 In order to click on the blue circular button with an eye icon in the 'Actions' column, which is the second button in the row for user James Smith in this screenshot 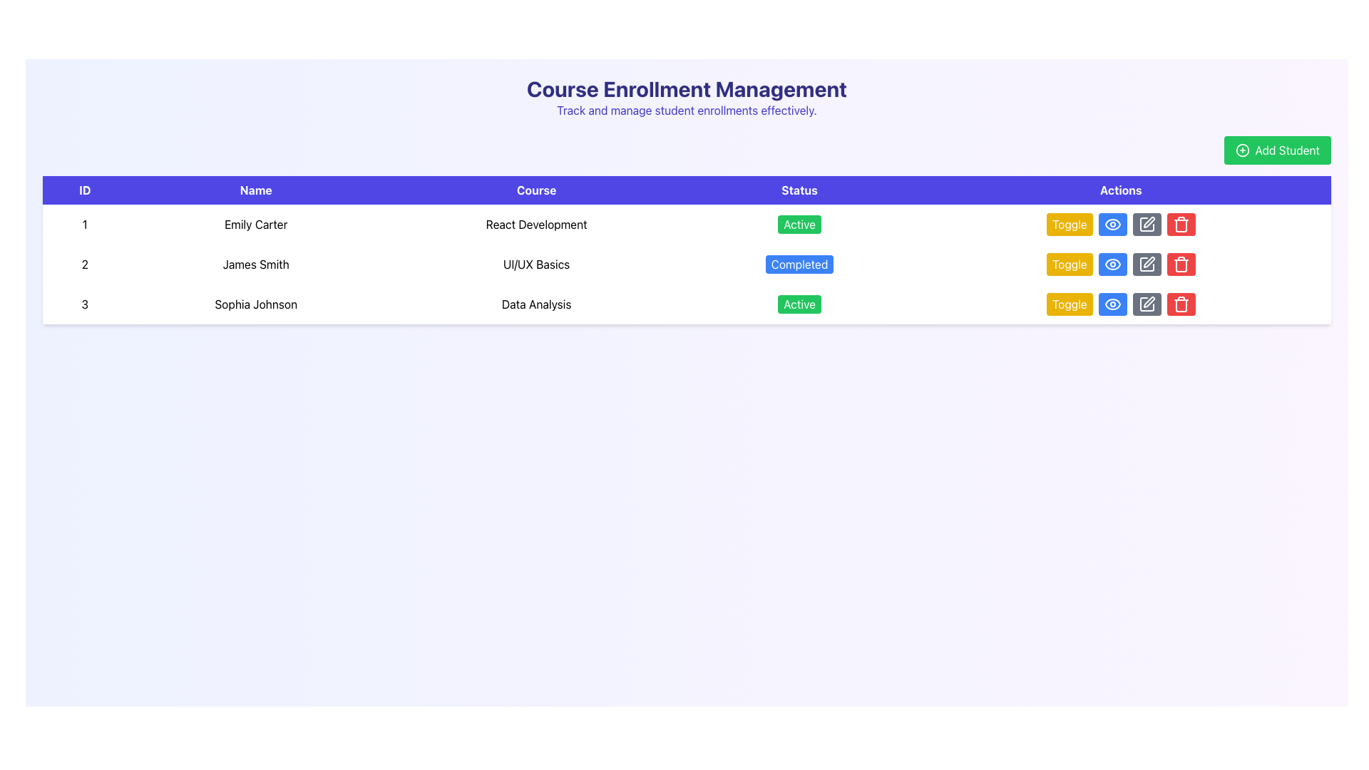, I will do `click(1112, 225)`.